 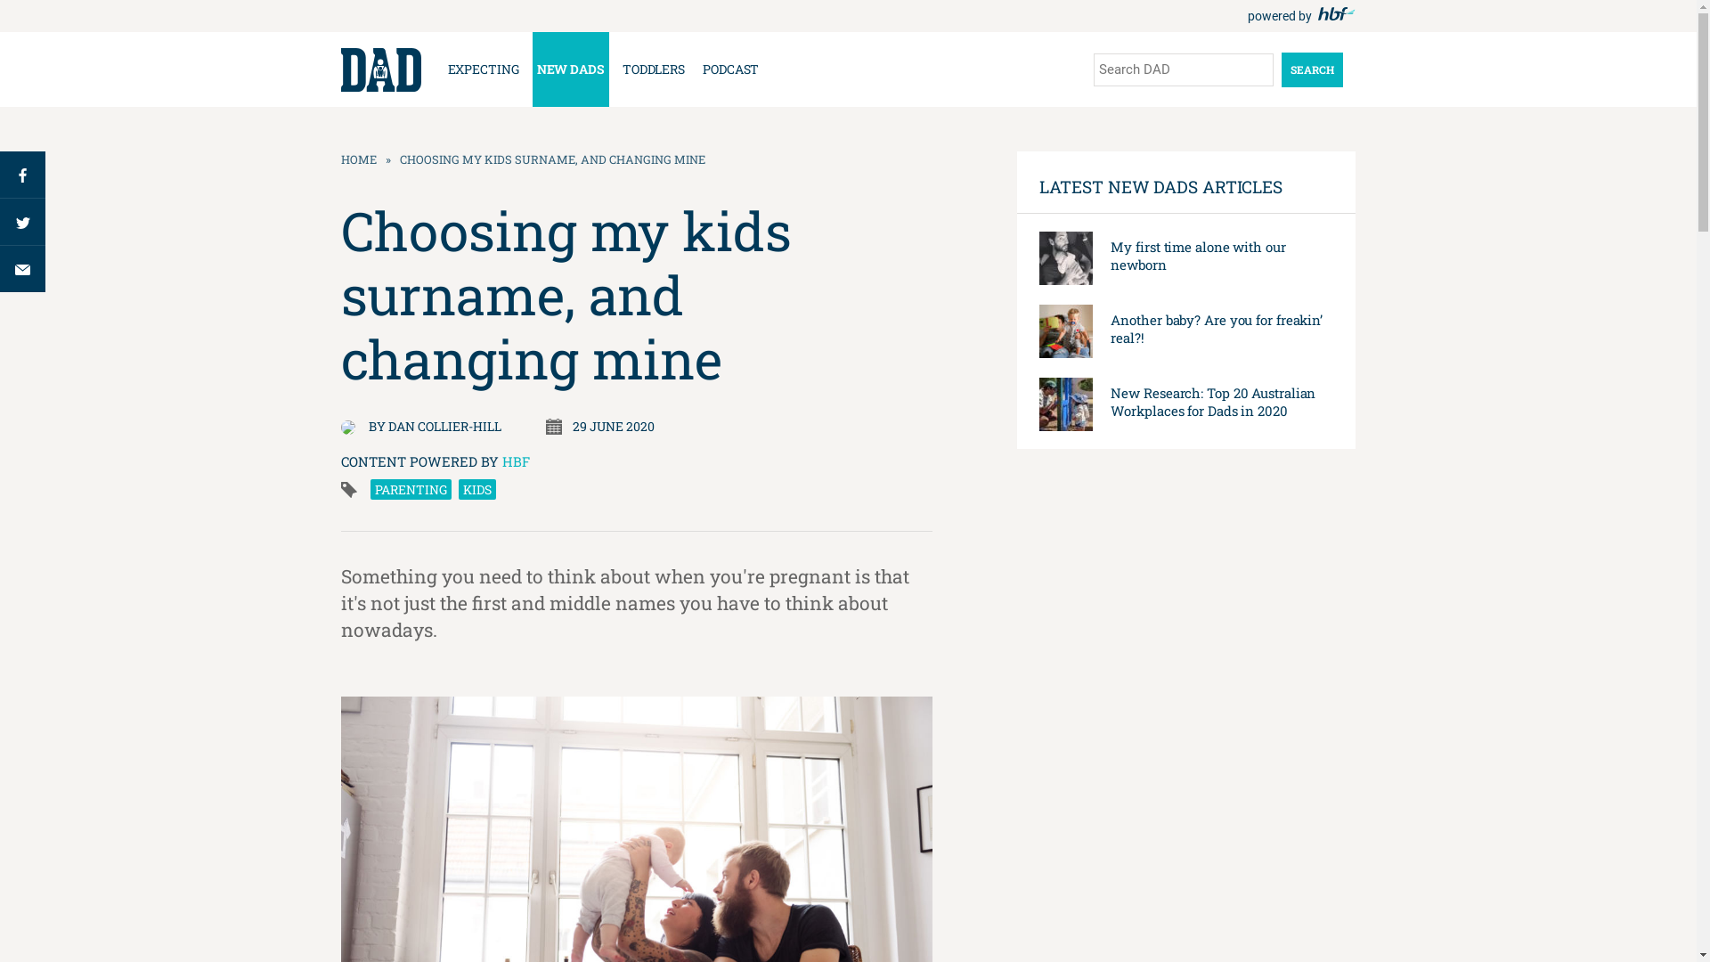 I want to click on 'NEW DADS', so click(x=571, y=68).